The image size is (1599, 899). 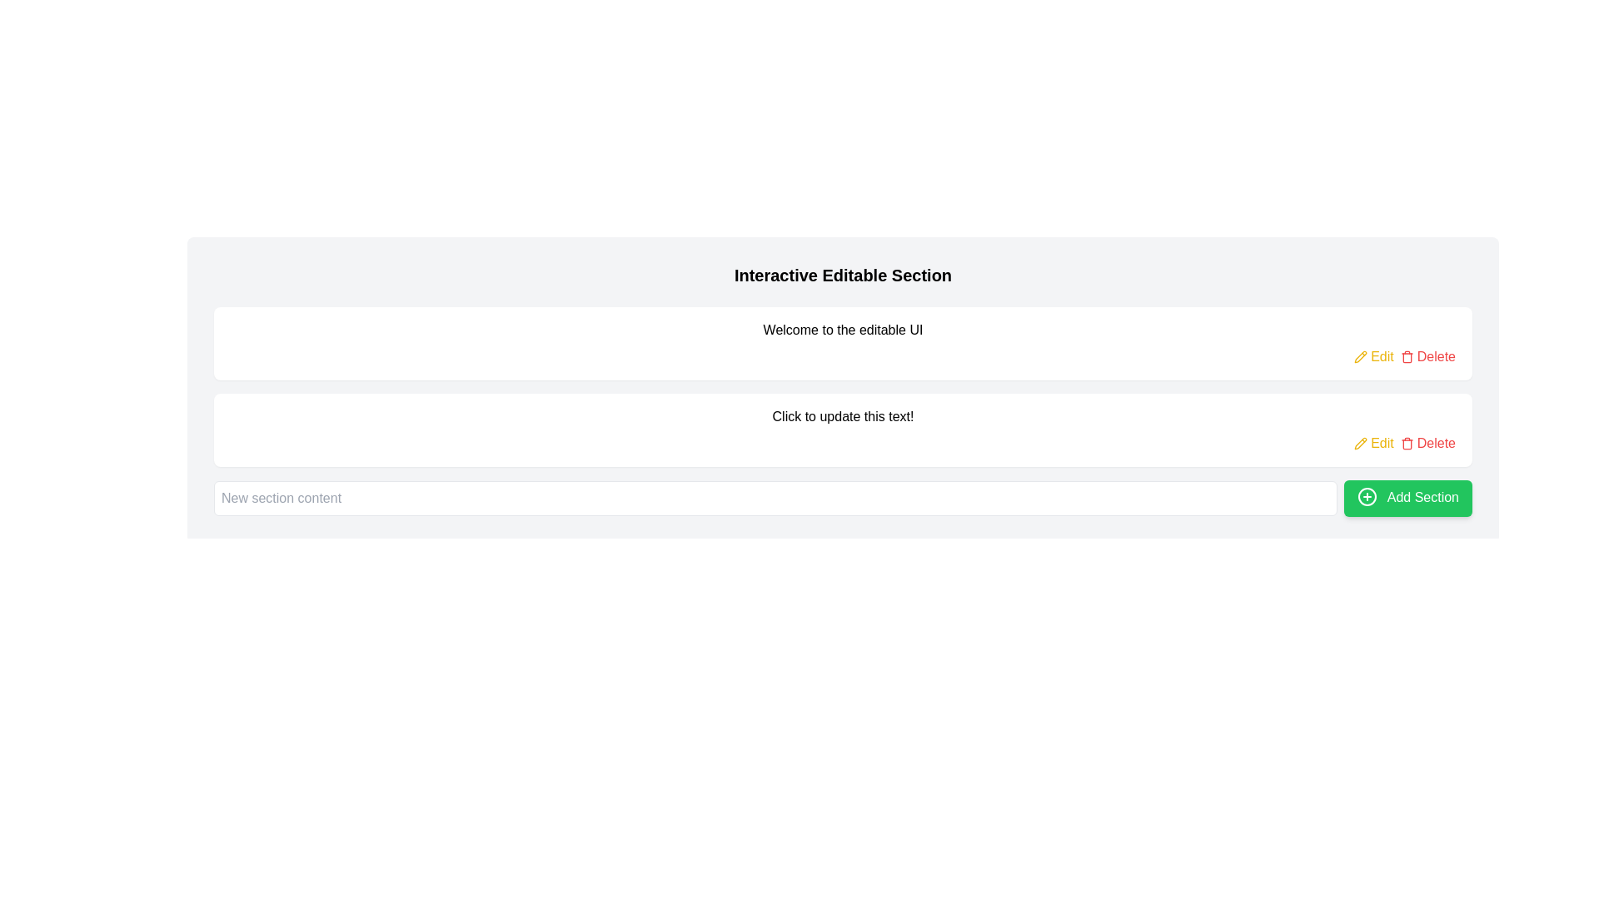 I want to click on the trashcan-shaped icon with a red stroke next to the 'Delete' label, so click(x=1406, y=355).